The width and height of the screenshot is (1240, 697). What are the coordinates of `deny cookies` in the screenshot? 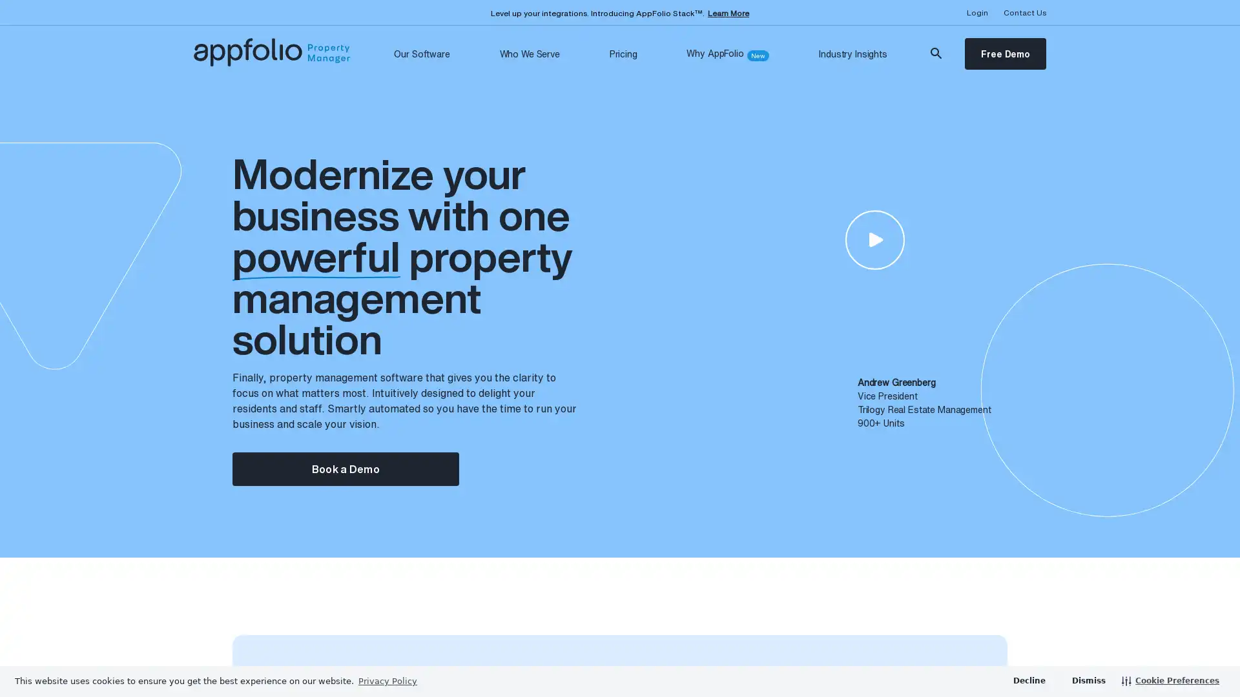 It's located at (1028, 680).